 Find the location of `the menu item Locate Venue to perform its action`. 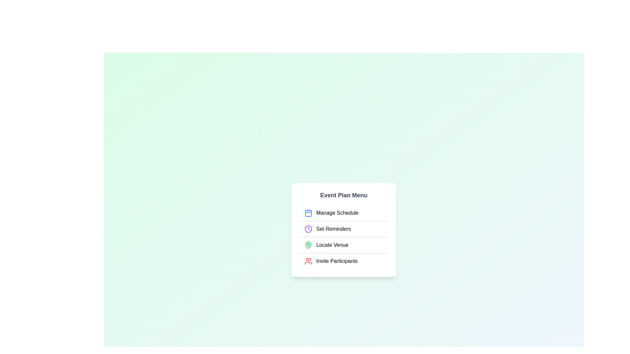

the menu item Locate Venue to perform its action is located at coordinates (343, 245).